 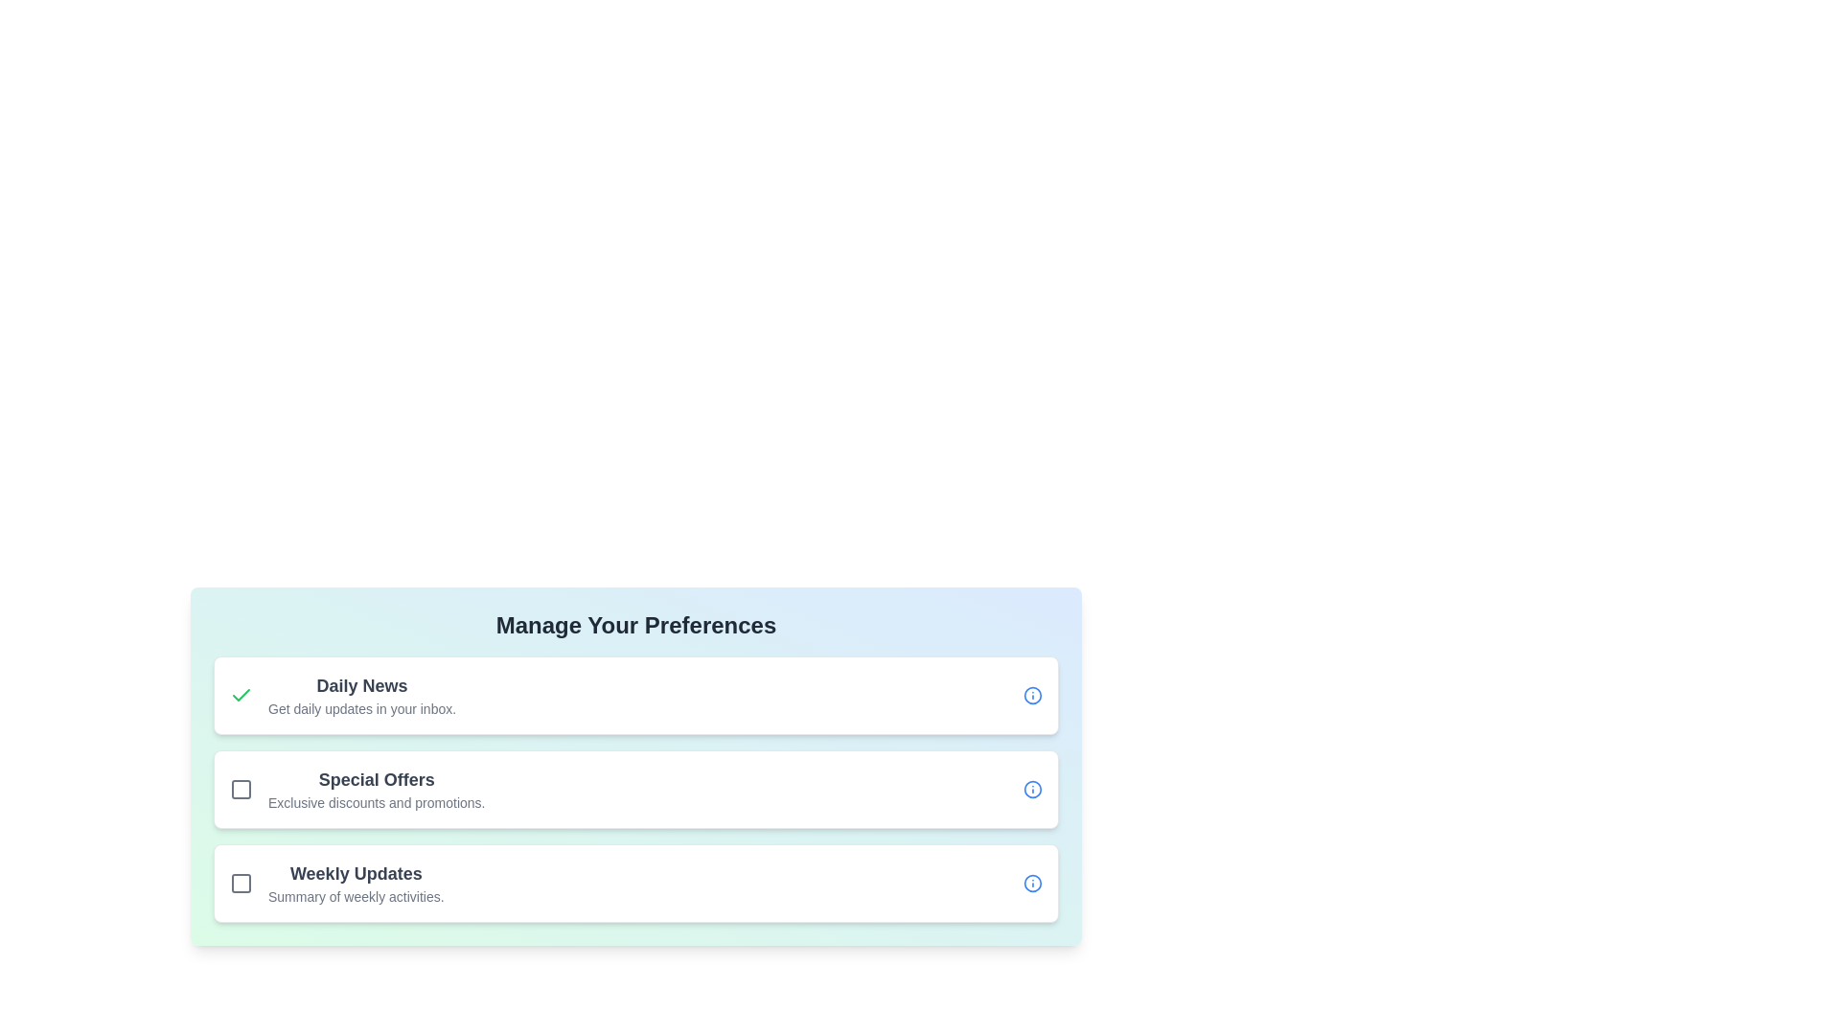 What do you see at coordinates (635, 790) in the screenshot?
I see `the 'Daily News' card element, which features a bold title and a subtitle, styled as a selectable option in a vertical list under 'Manage Your Preferences.'` at bounding box center [635, 790].